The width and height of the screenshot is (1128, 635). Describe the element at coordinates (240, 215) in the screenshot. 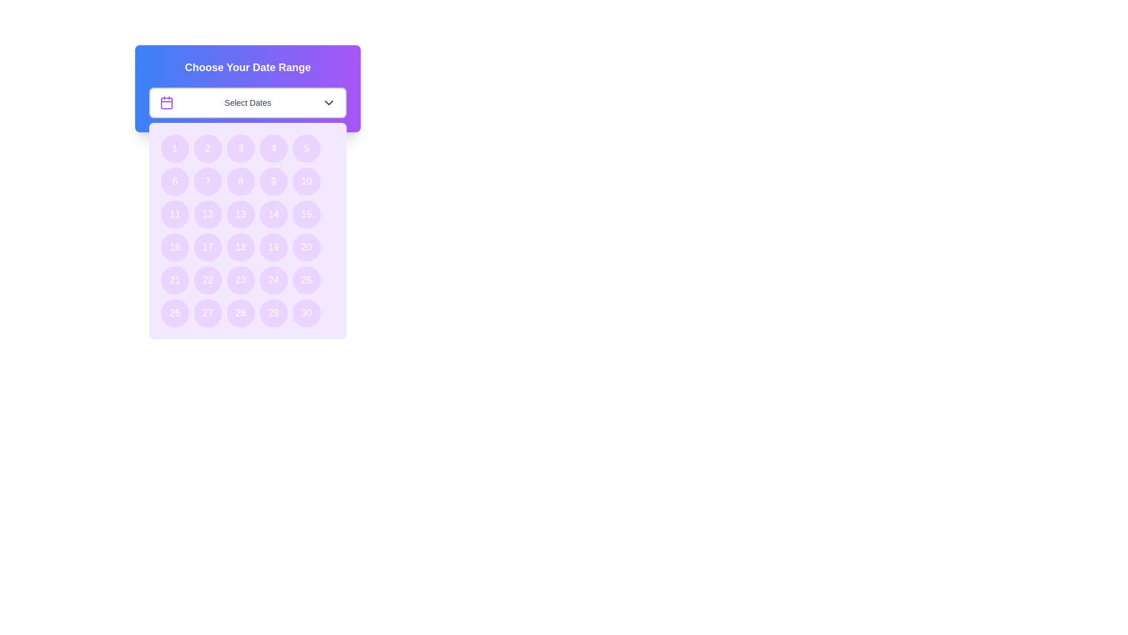

I see `the circular button labeled '13' with a violet background` at that location.